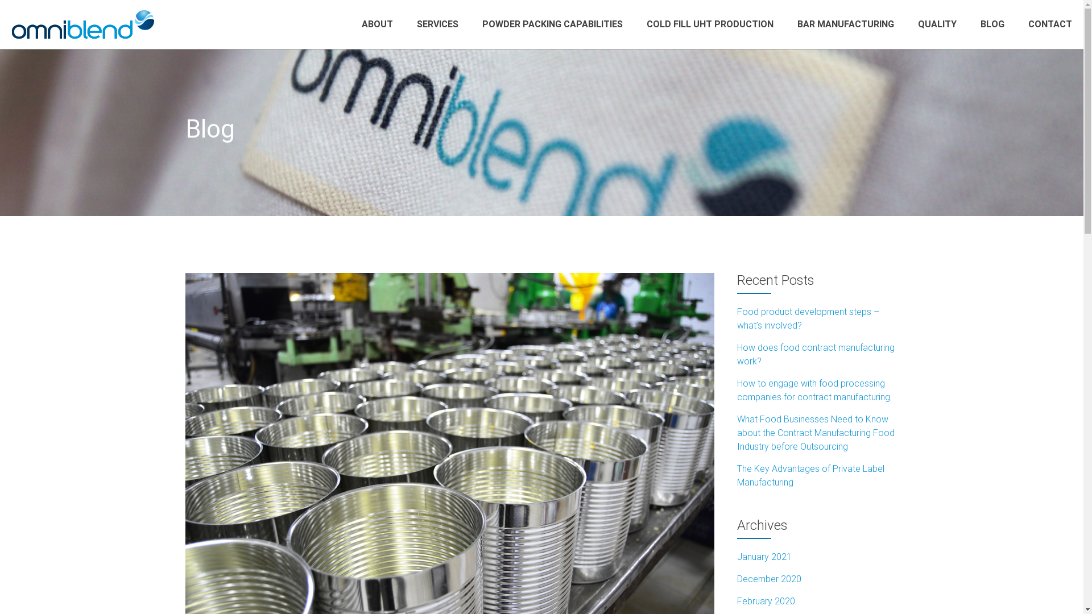  Describe the element at coordinates (846, 24) in the screenshot. I see `'BAR MANUFACTURING'` at that location.